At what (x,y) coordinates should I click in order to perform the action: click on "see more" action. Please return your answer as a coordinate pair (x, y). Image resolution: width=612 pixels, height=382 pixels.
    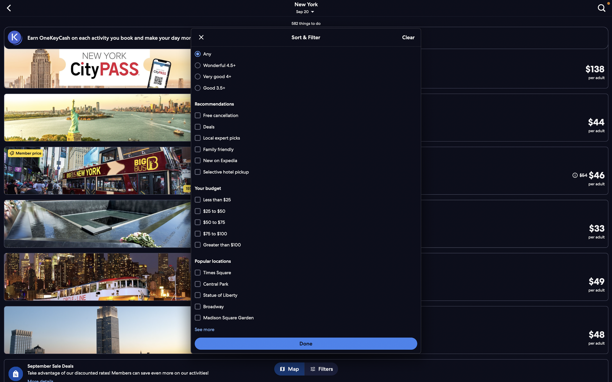
    Looking at the image, I should click on (204, 330).